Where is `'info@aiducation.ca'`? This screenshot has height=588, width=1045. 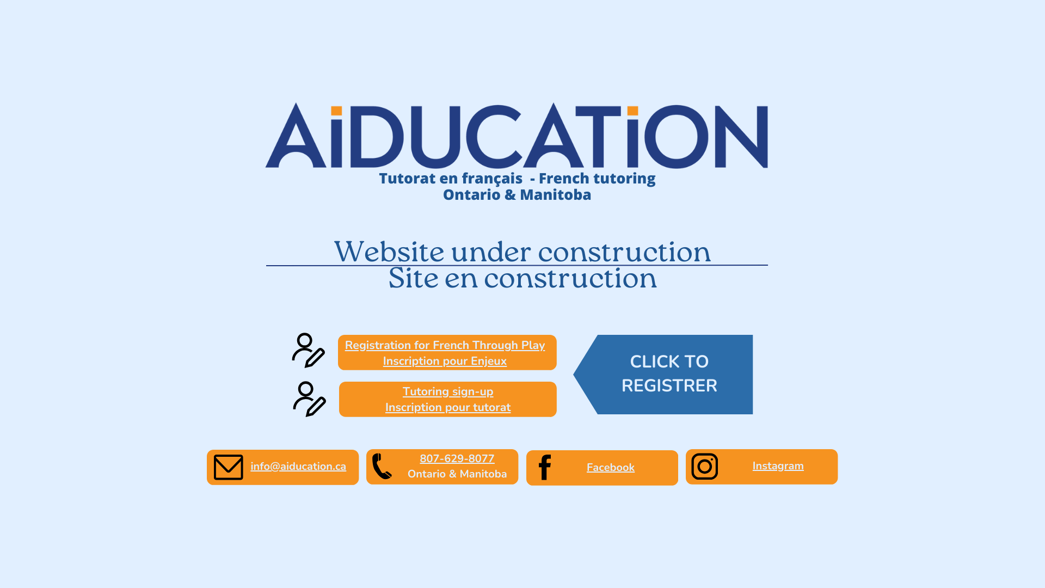
'info@aiducation.ca' is located at coordinates (298, 466).